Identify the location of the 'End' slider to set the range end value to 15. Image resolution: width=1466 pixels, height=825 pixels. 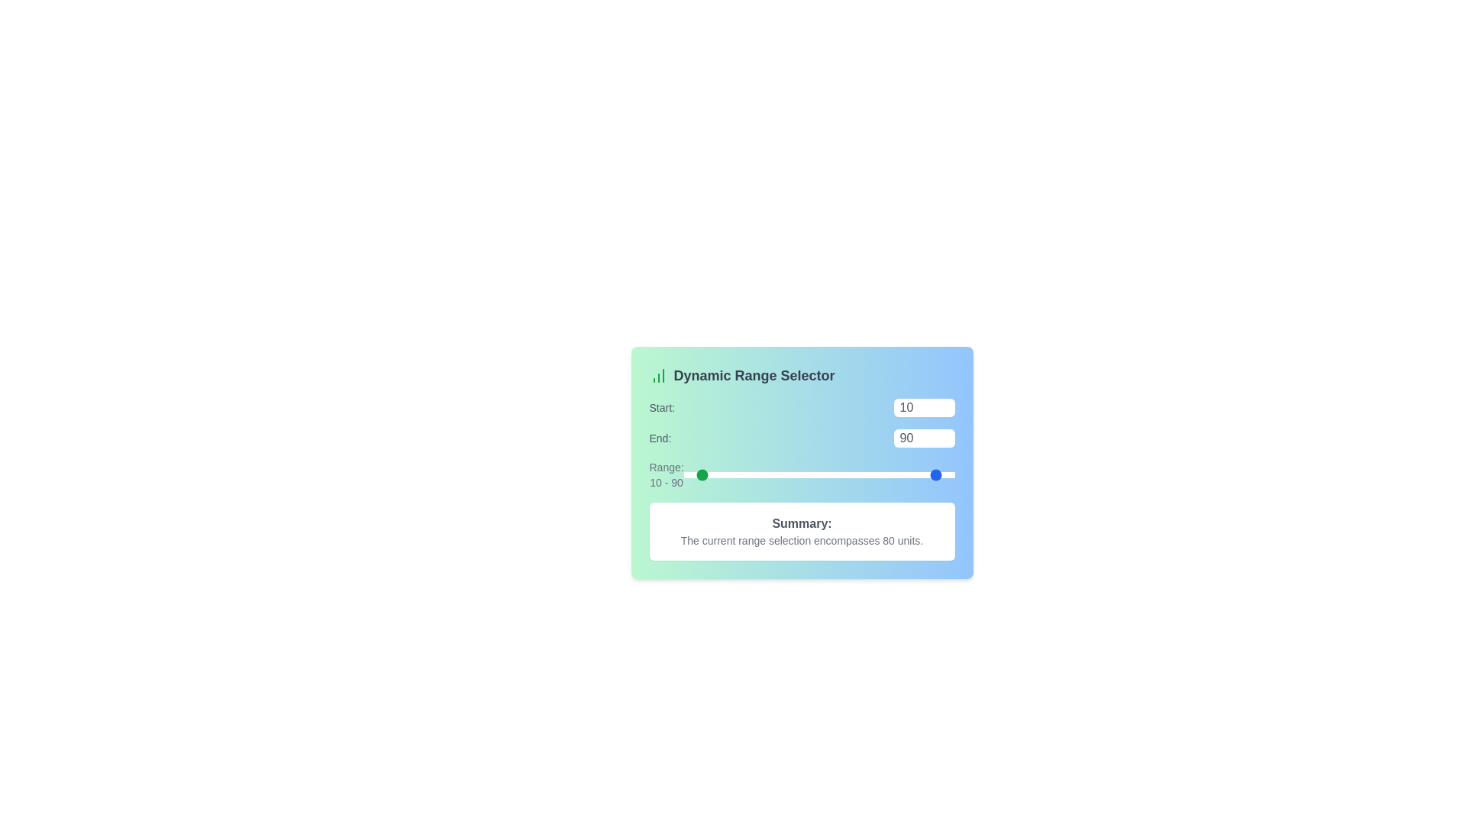
(838, 474).